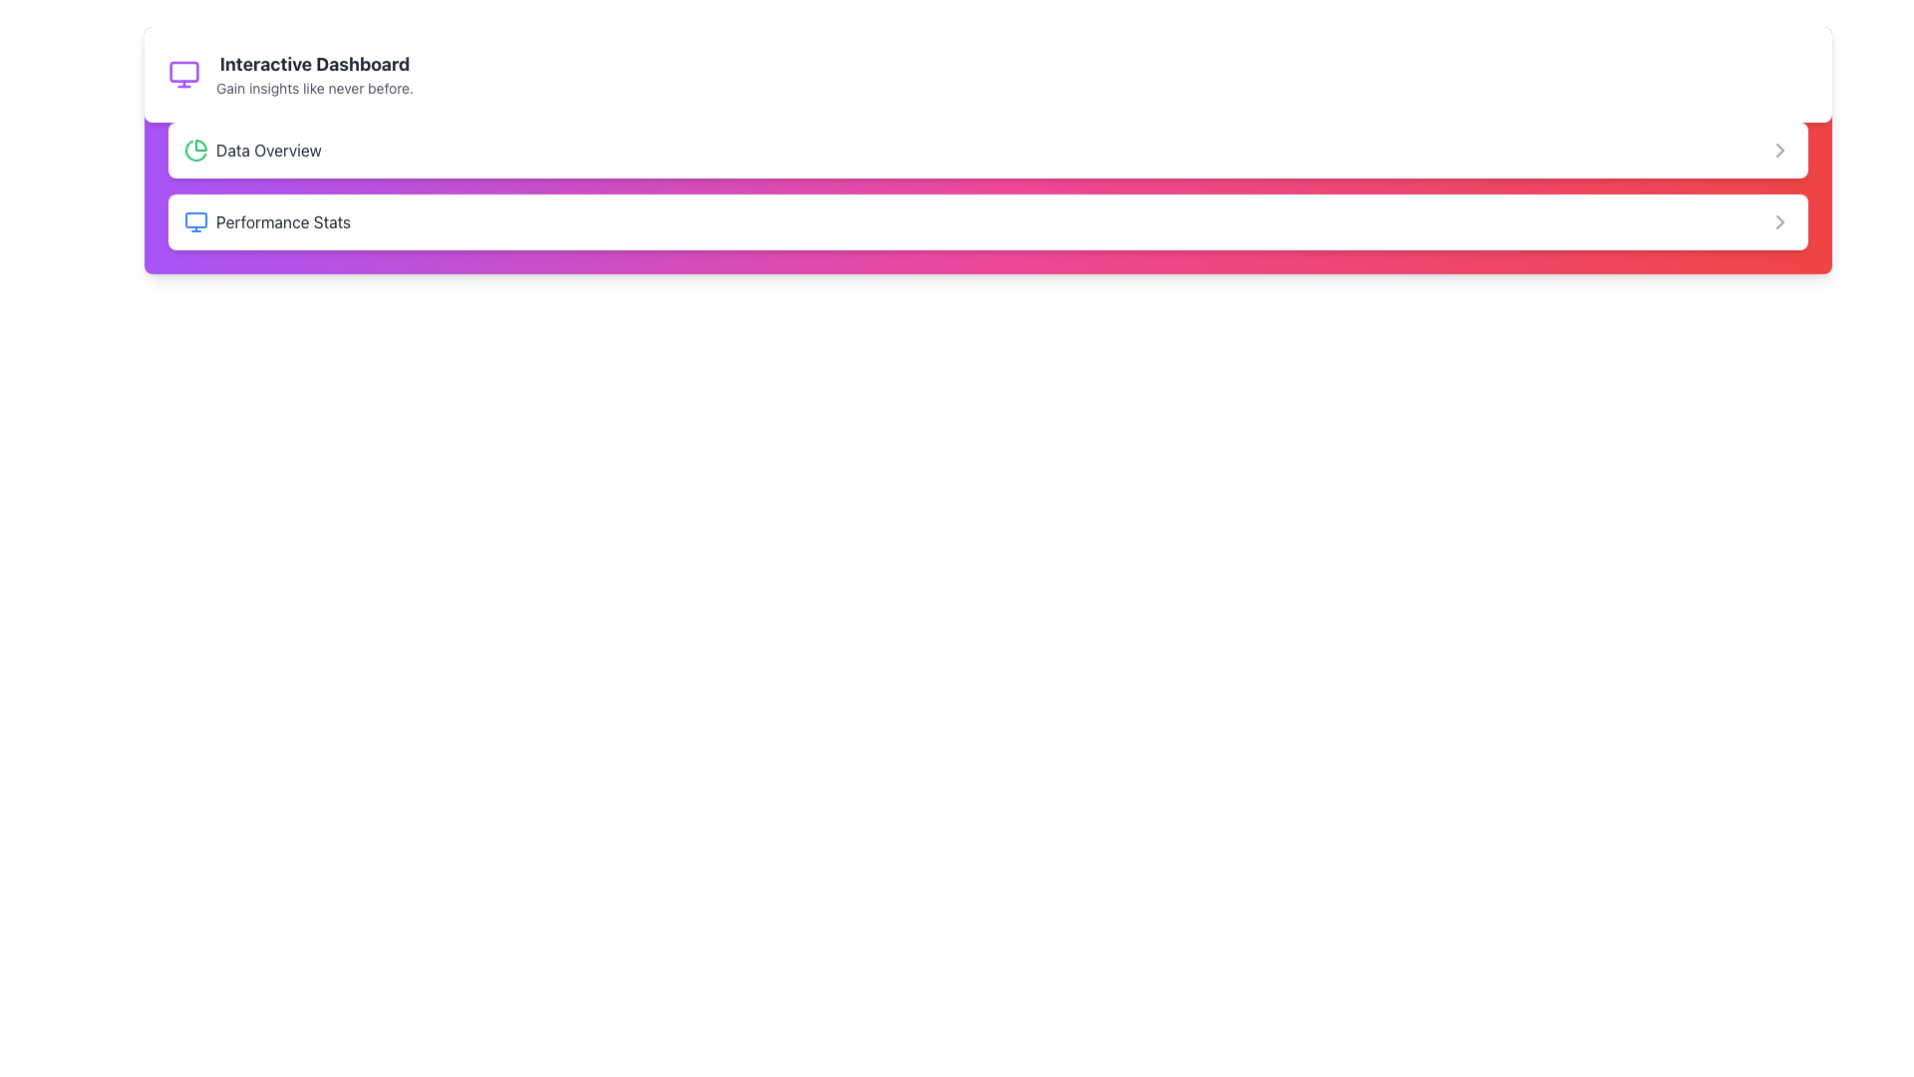 Image resolution: width=1914 pixels, height=1077 pixels. Describe the element at coordinates (267, 149) in the screenshot. I see `the Text Label that identifies the 'Data Overview' section, located to the immediate right of a green pie chart icon` at that location.